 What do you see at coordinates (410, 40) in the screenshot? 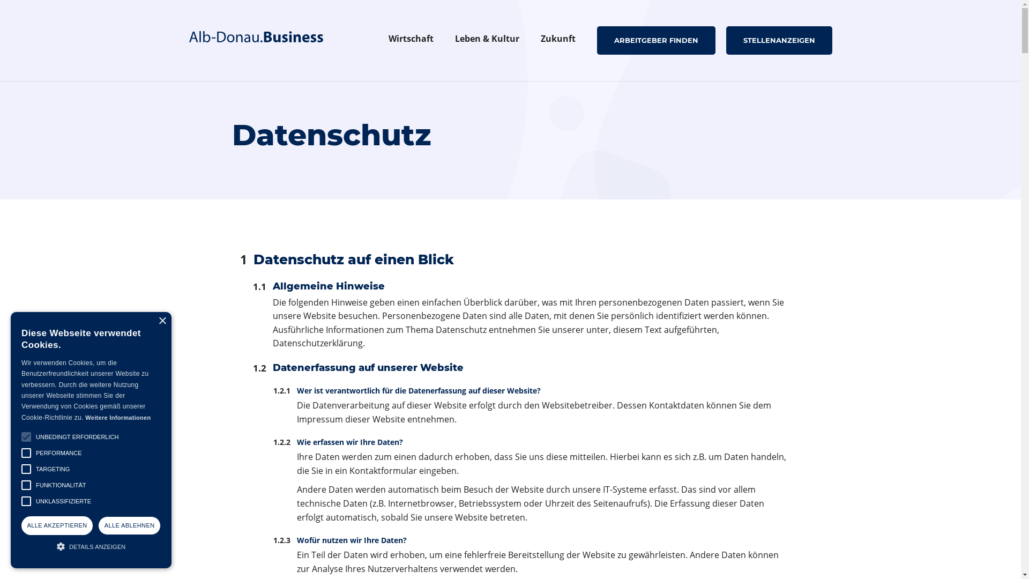
I see `'Wirtschaft'` at bounding box center [410, 40].